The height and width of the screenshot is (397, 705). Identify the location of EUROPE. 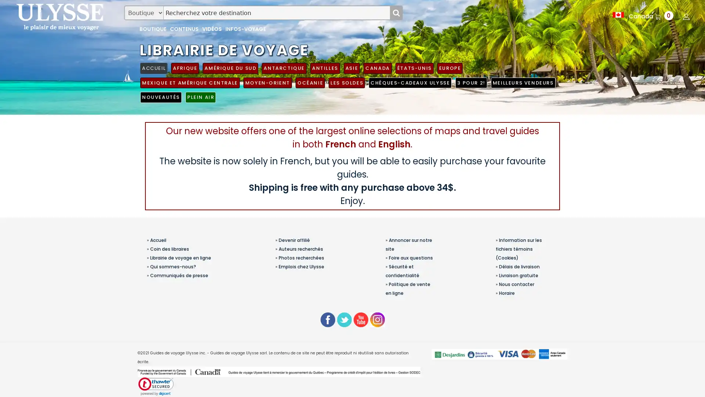
(449, 68).